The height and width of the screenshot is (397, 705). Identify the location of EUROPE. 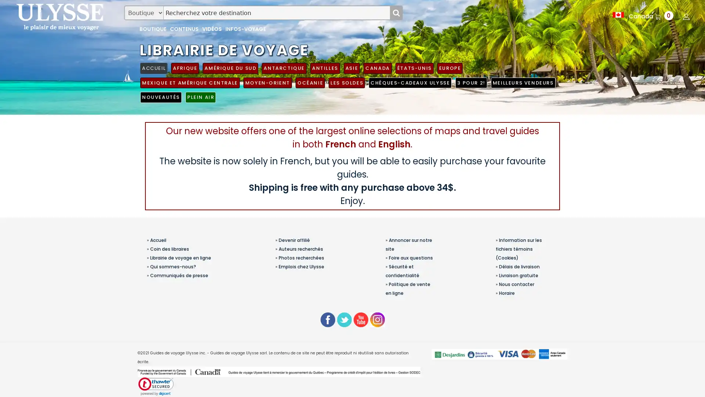
(449, 68).